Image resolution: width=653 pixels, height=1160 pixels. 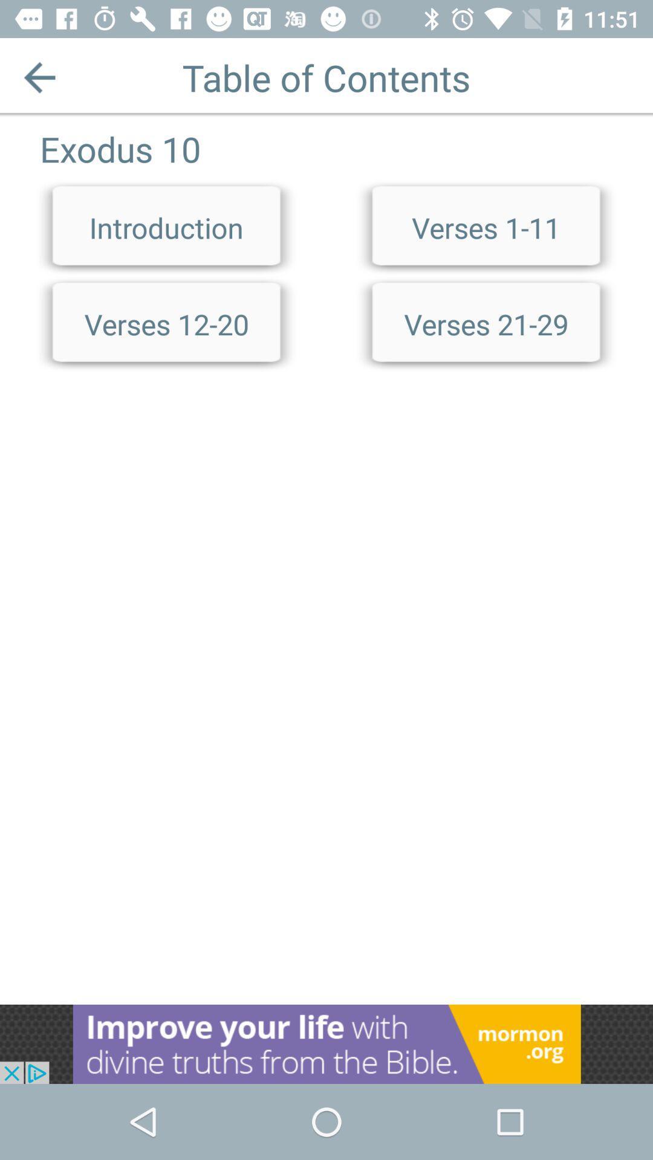 What do you see at coordinates (326, 1043) in the screenshot?
I see `open advertisement` at bounding box center [326, 1043].